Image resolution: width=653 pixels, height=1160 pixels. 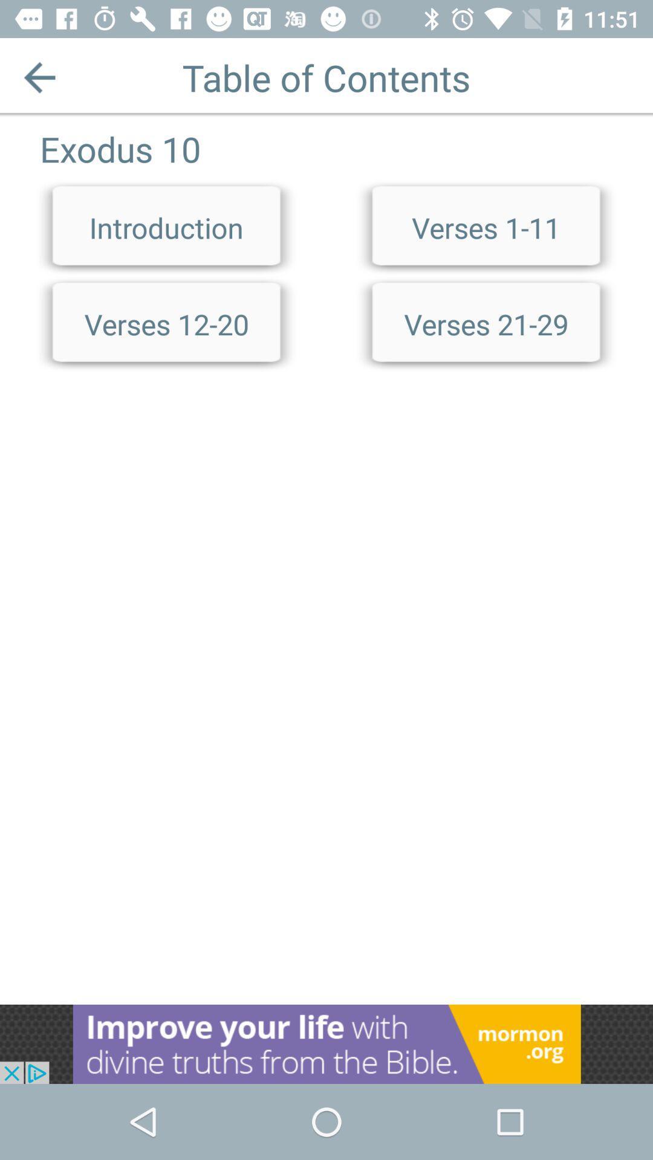 What do you see at coordinates (326, 1043) in the screenshot?
I see `open advertisement` at bounding box center [326, 1043].